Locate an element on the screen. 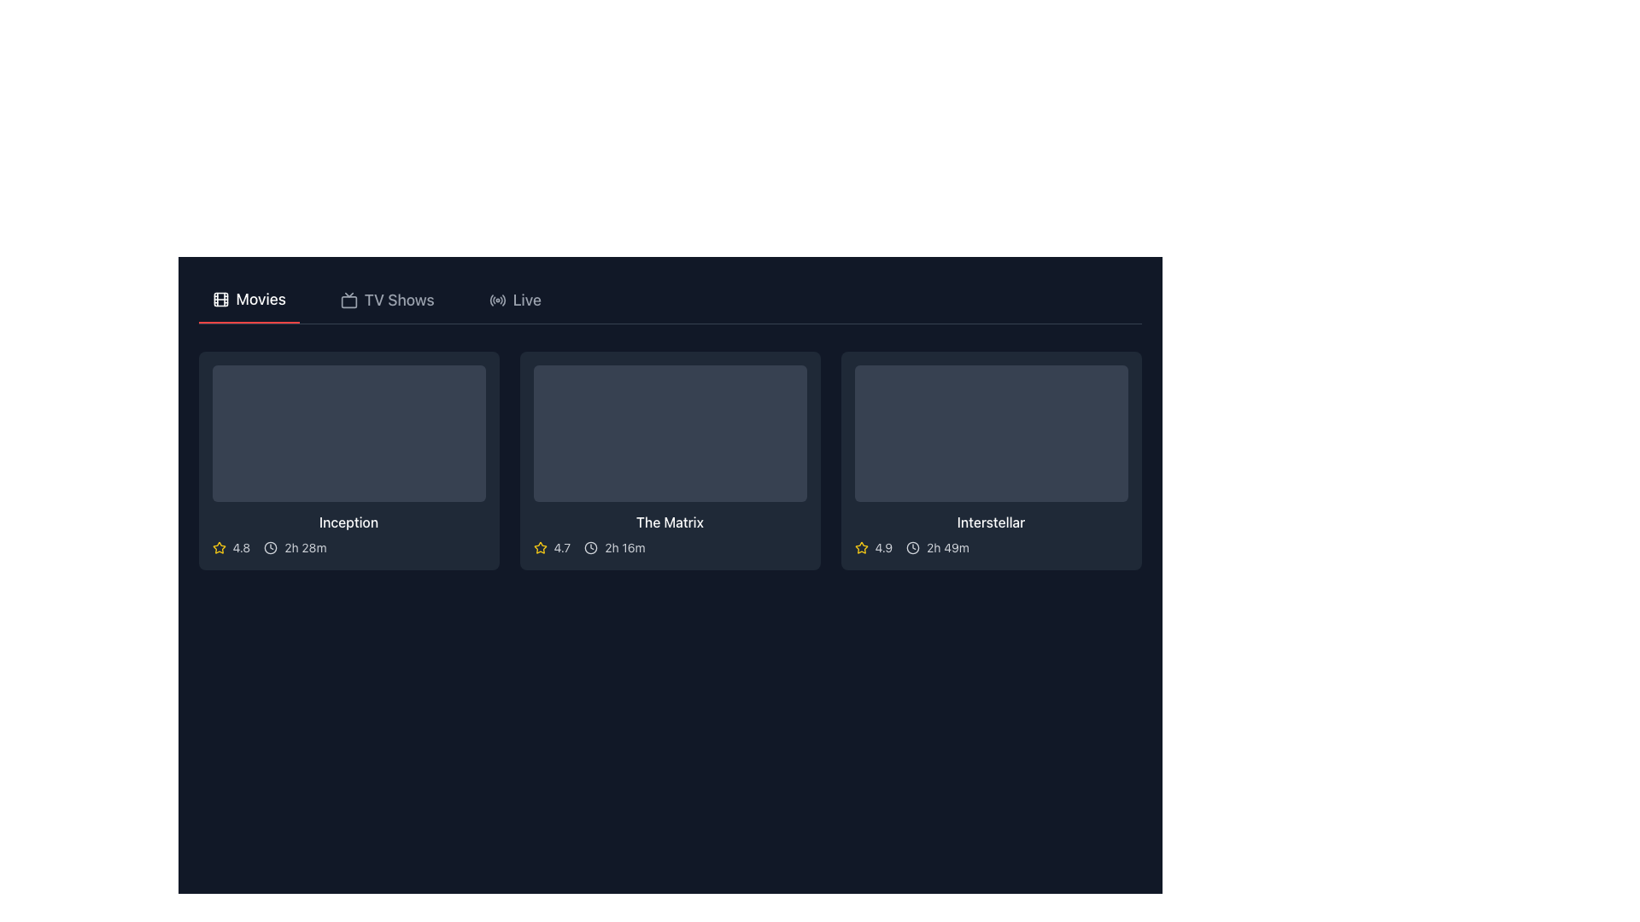  the navigation menu button that displays movie-related content, marking it as the active navigation choice is located at coordinates (248, 299).